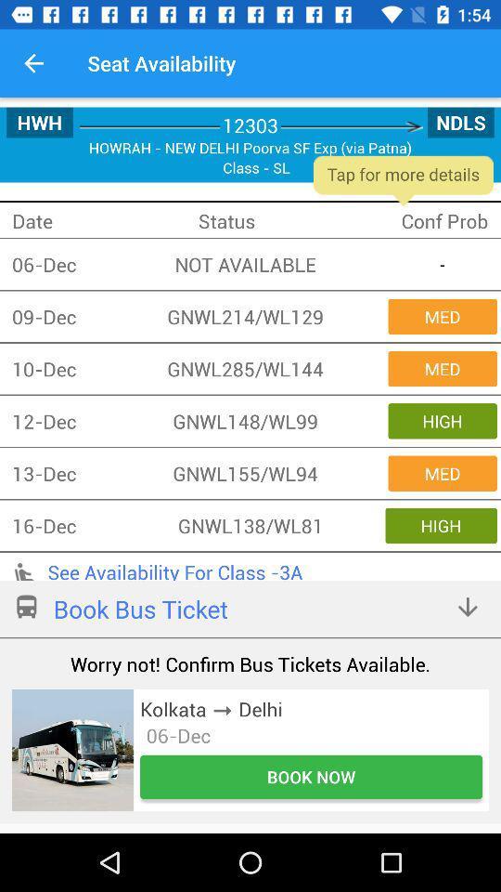  I want to click on the icon below 06-dec item, so click(311, 777).